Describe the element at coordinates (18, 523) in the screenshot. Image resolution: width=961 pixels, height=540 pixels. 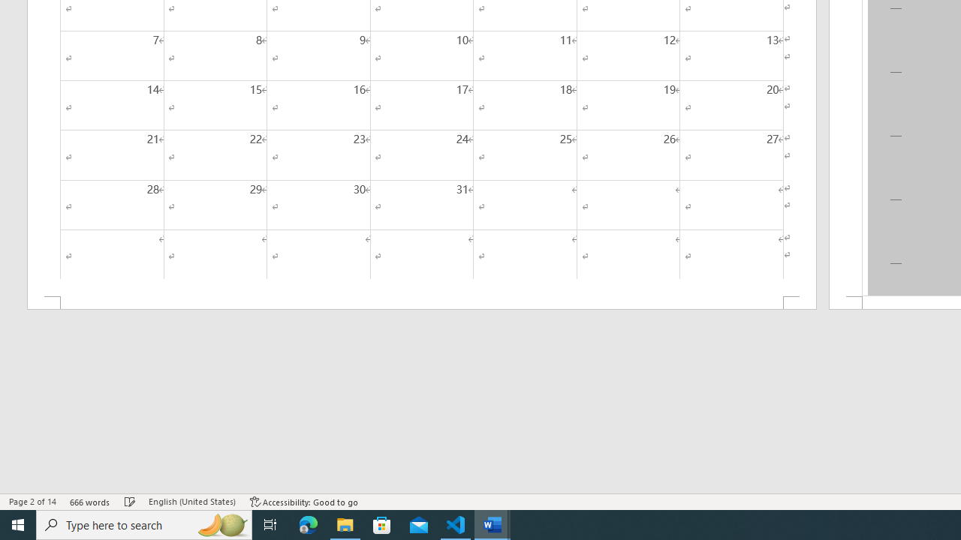
I see `'Start'` at that location.